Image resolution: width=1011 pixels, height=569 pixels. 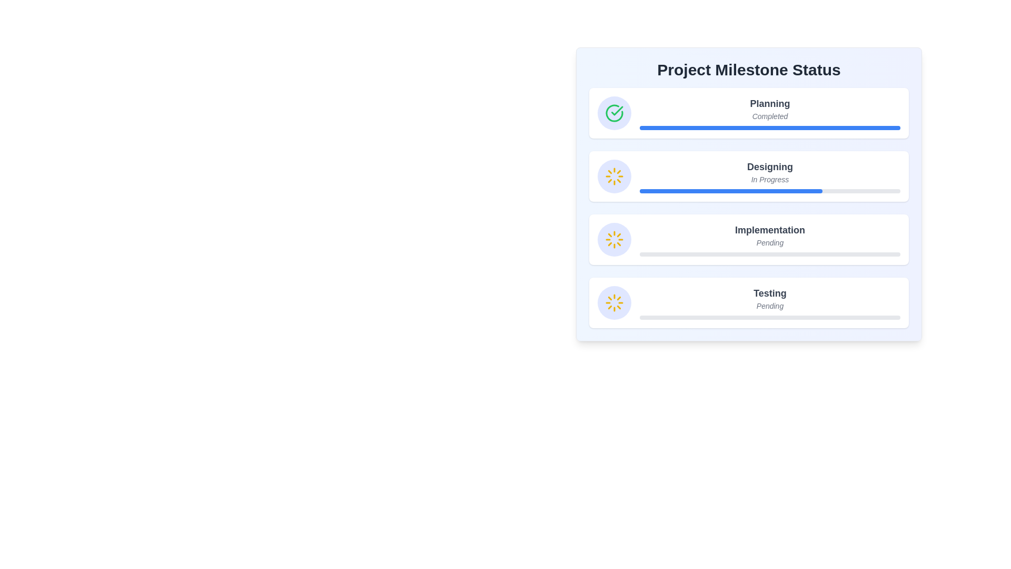 What do you see at coordinates (770, 229) in the screenshot?
I see `the 'Implementation' text label, which is bold and prominently displayed in dark gray` at bounding box center [770, 229].